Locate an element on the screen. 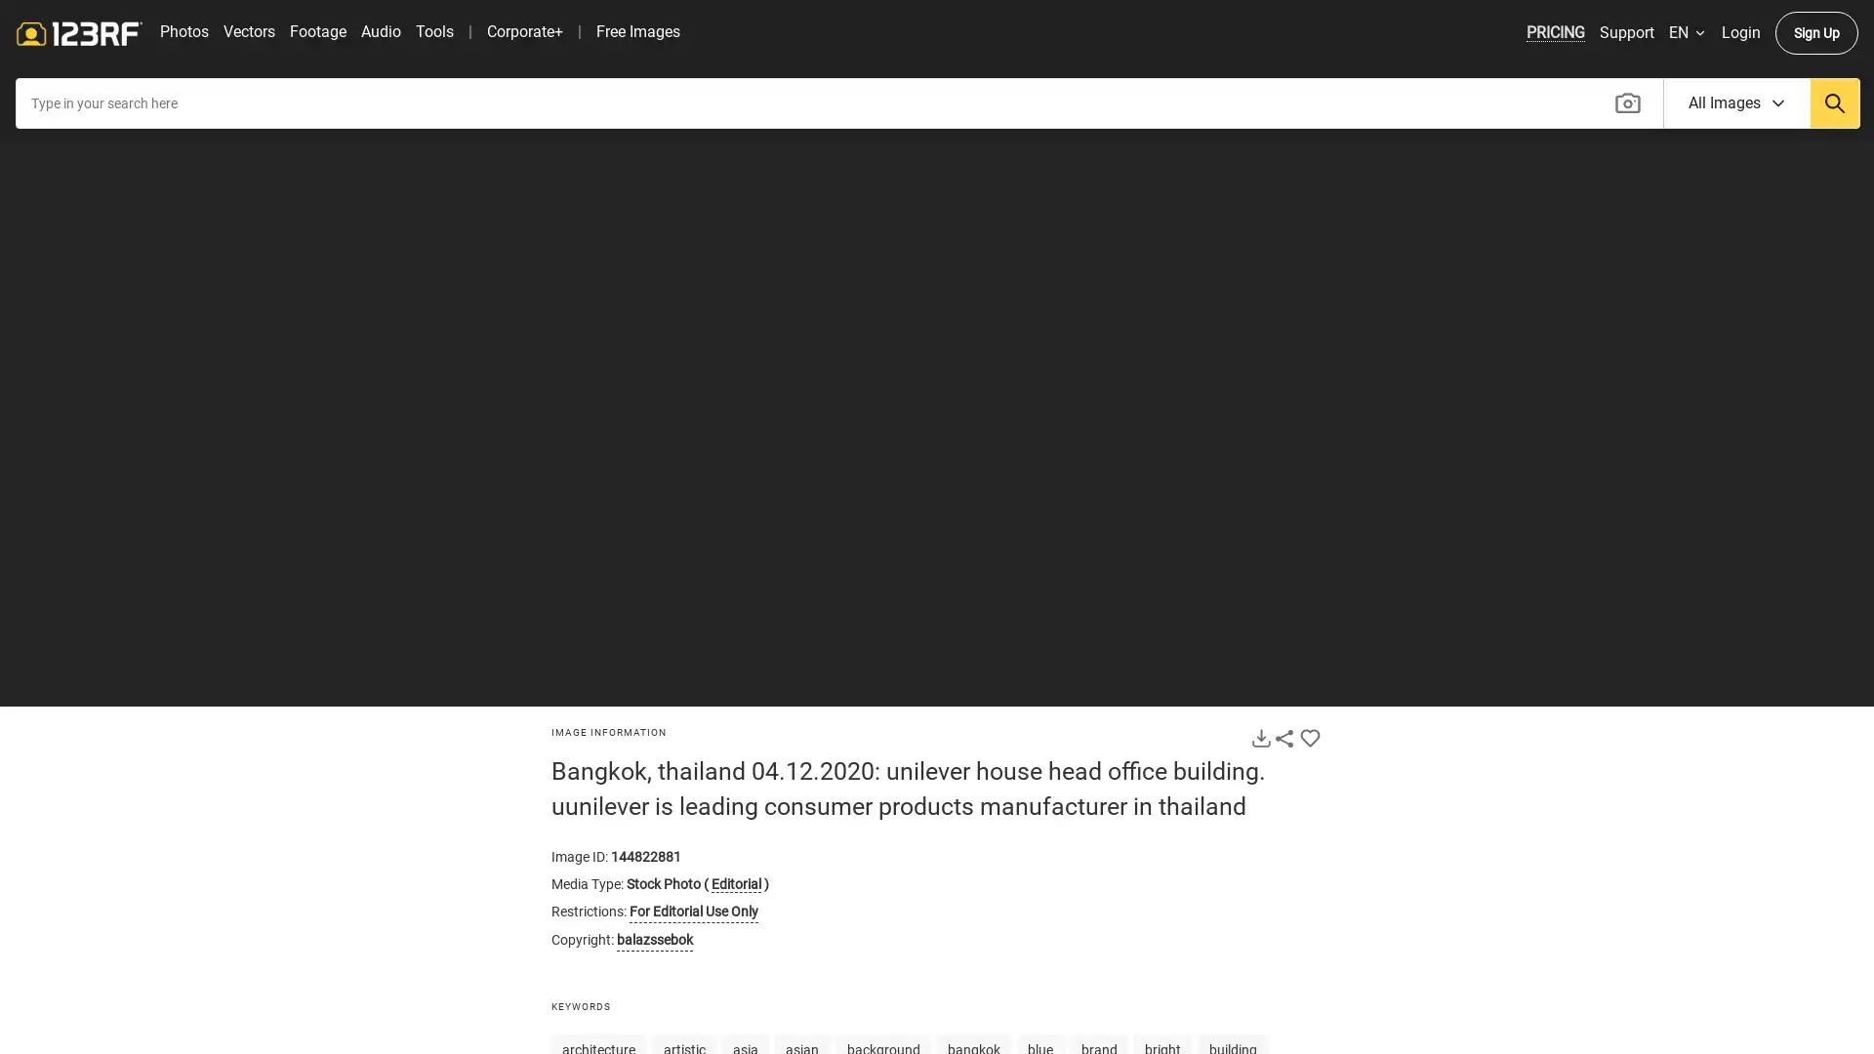 Image resolution: width=1874 pixels, height=1054 pixels. Filter is located at coordinates (37, 337).